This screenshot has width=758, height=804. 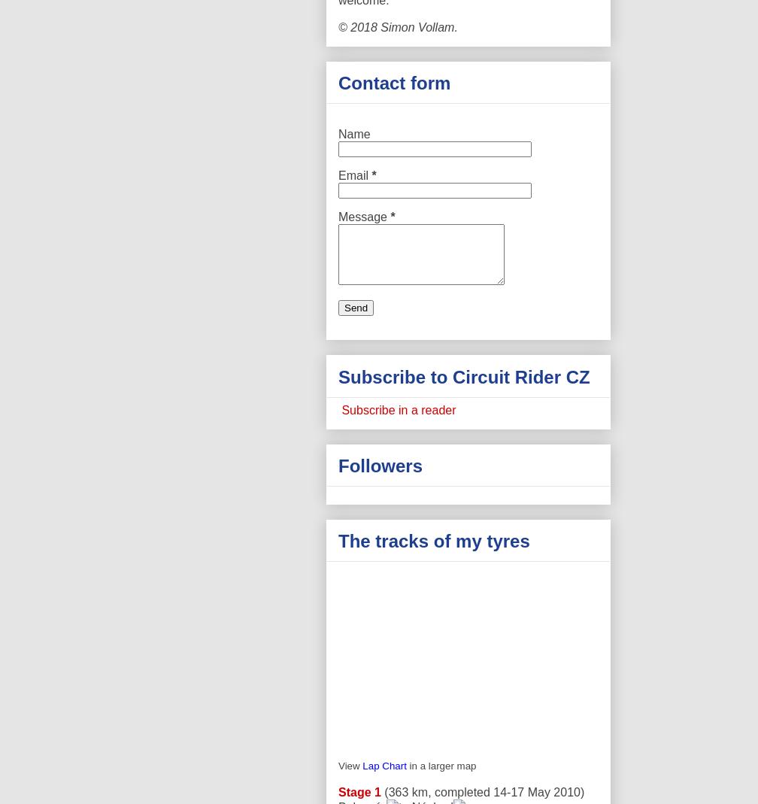 I want to click on 'The tracks of my tyres', so click(x=433, y=540).